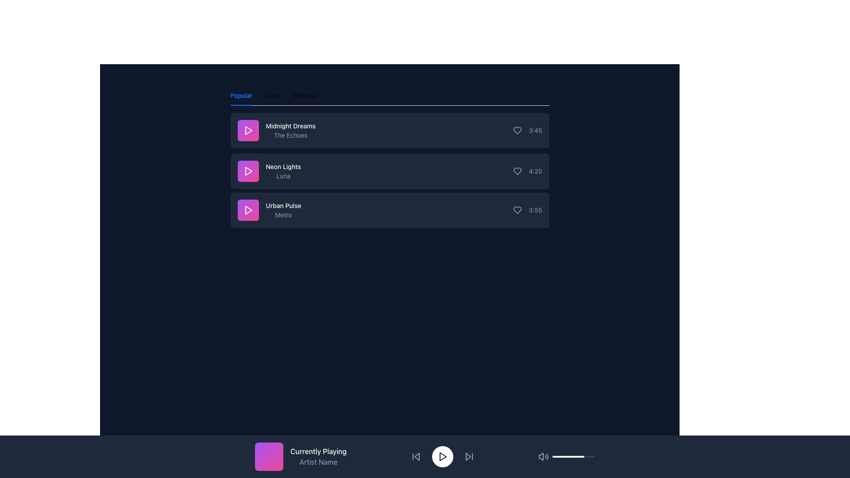 This screenshot has height=478, width=850. What do you see at coordinates (273, 96) in the screenshot?
I see `the 'Chill' tab in the horizontal navigation bar` at bounding box center [273, 96].